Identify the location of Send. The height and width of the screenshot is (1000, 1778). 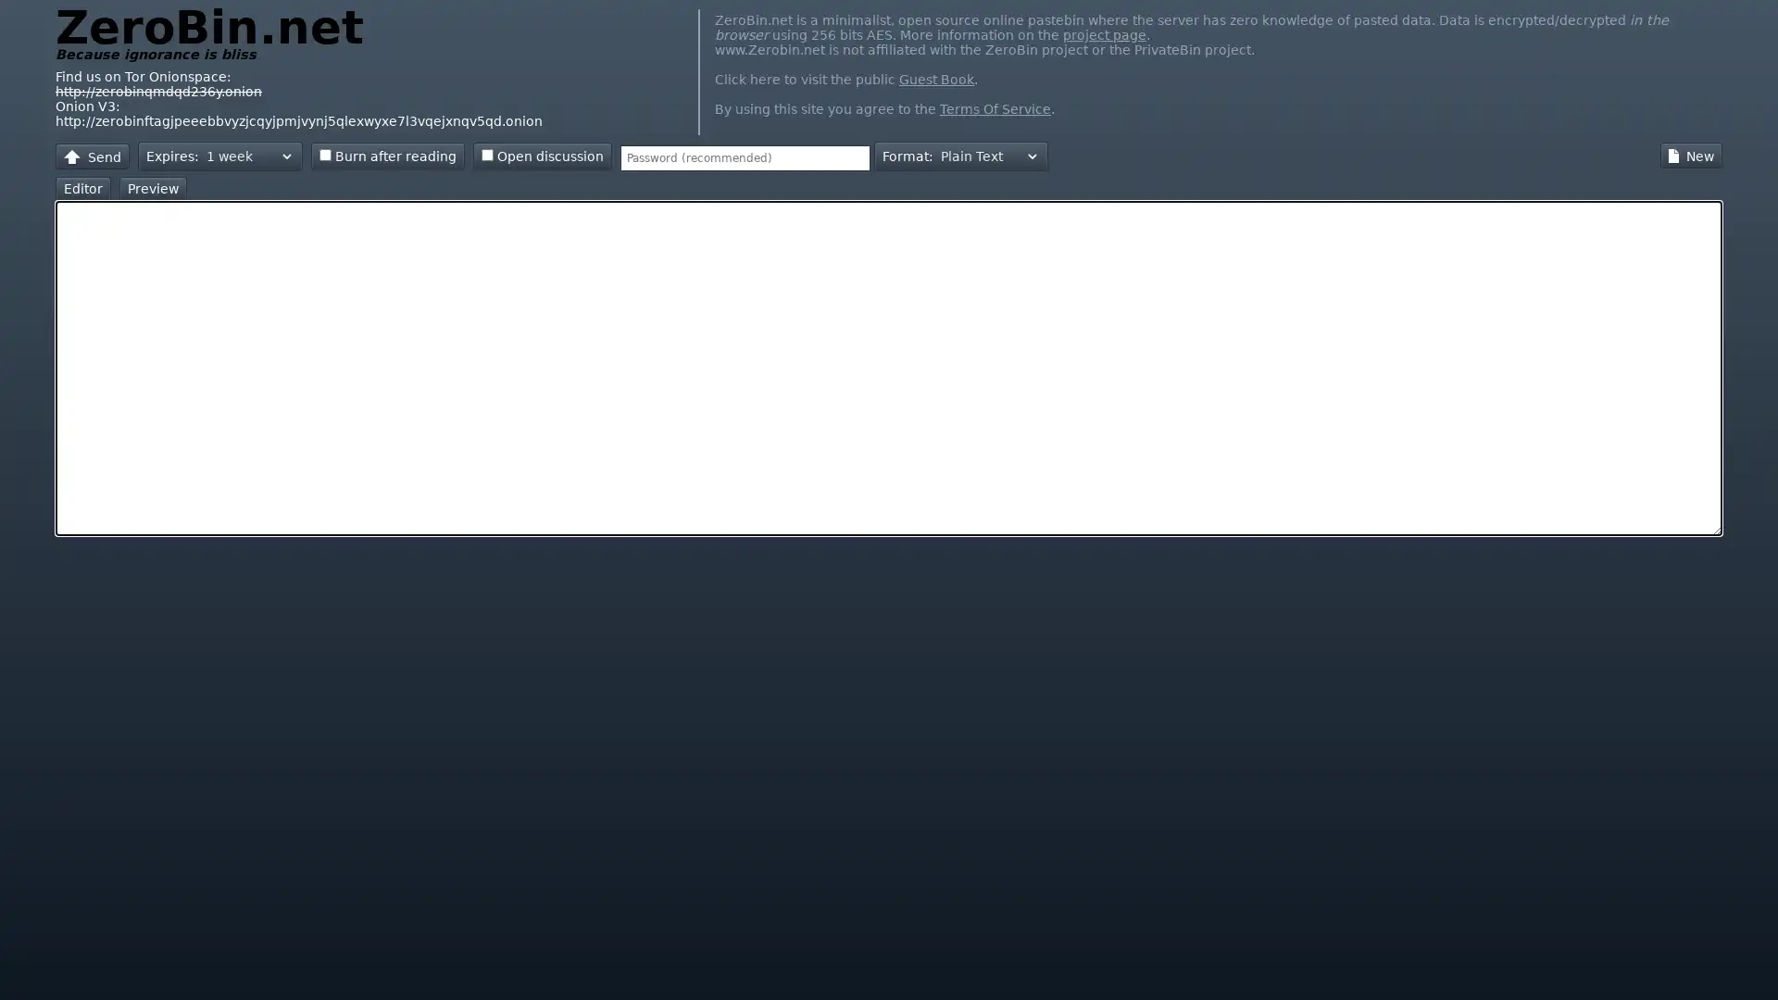
(92, 156).